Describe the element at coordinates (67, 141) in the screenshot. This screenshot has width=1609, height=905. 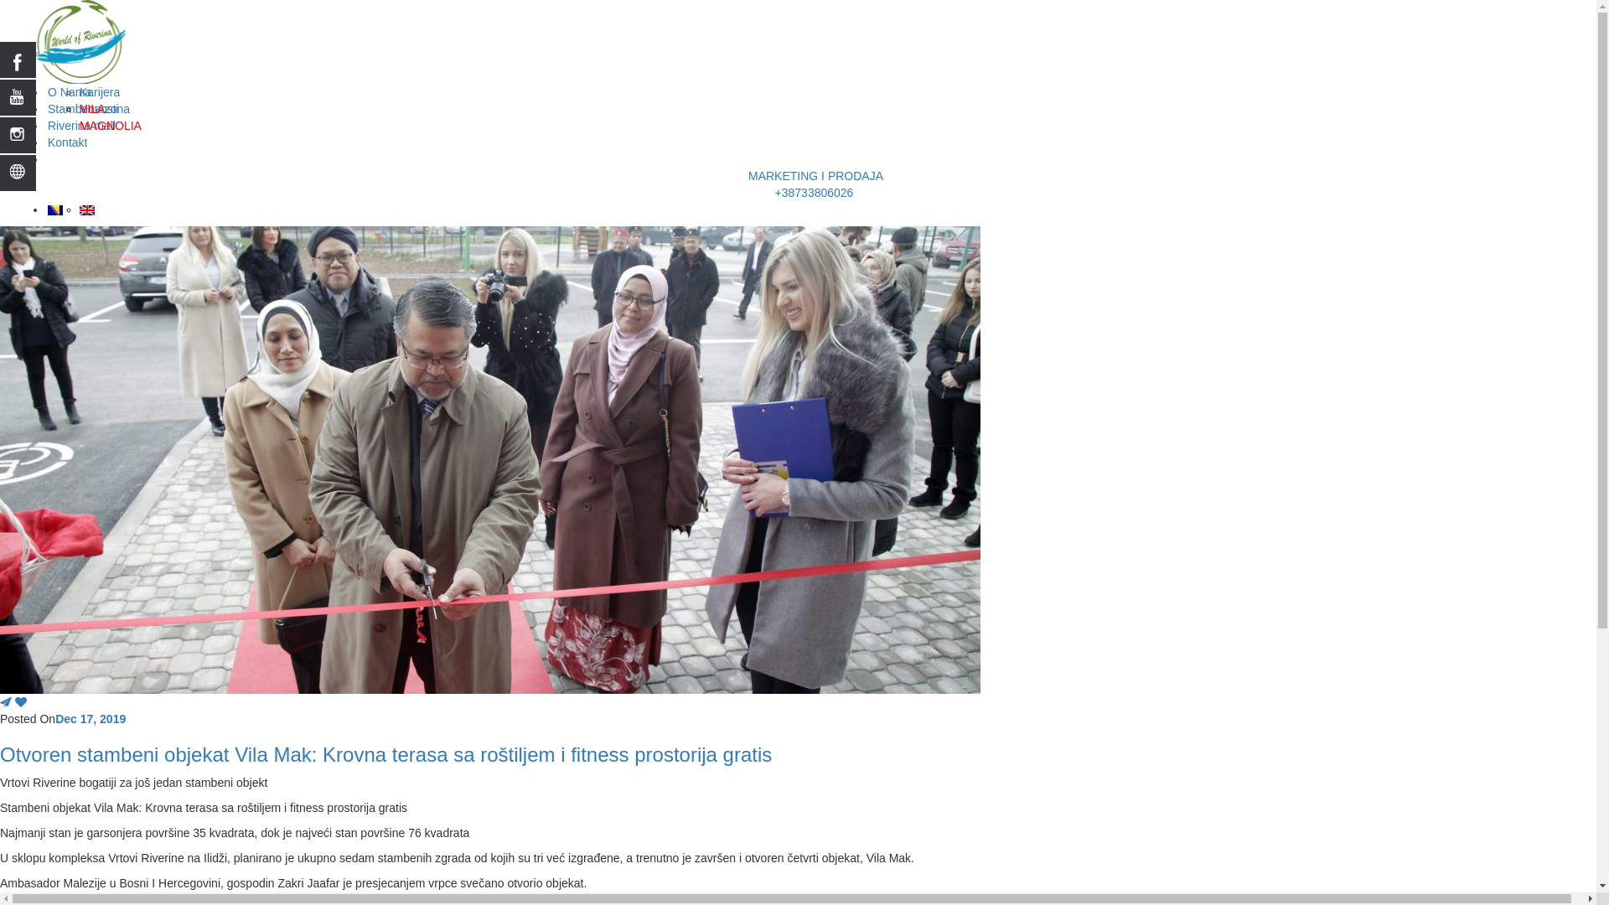
I see `'Kontakt'` at that location.